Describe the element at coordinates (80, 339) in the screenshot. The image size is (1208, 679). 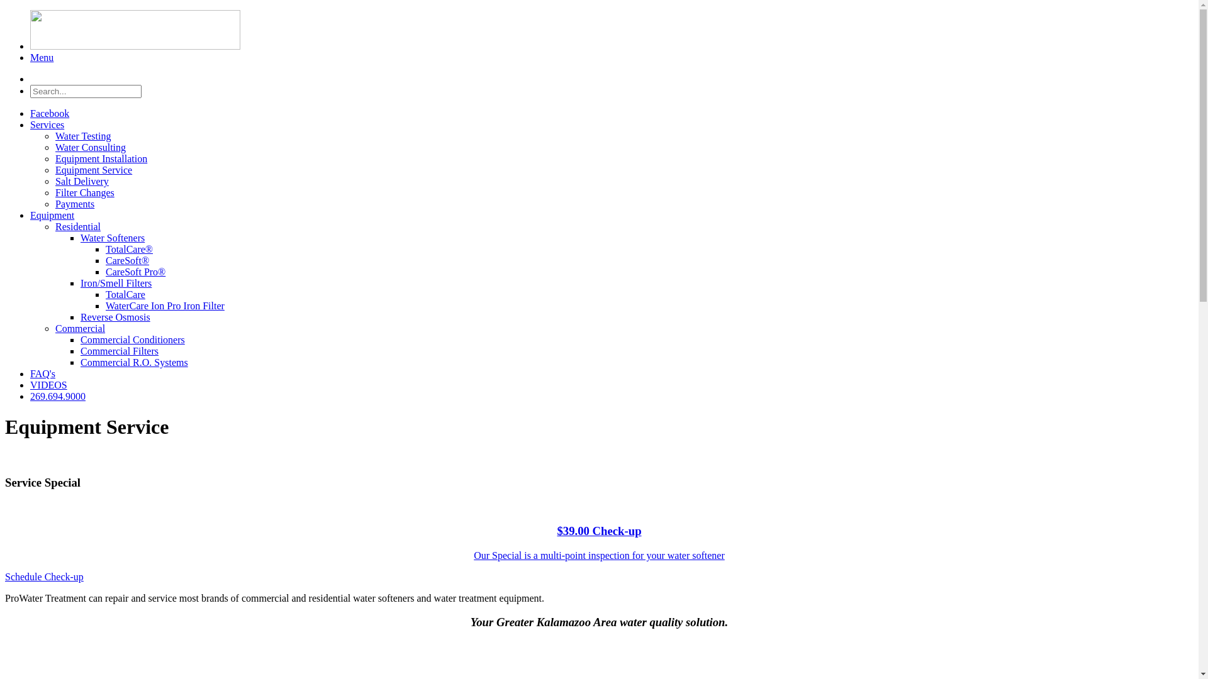
I see `'Commercial Conditioners'` at that location.